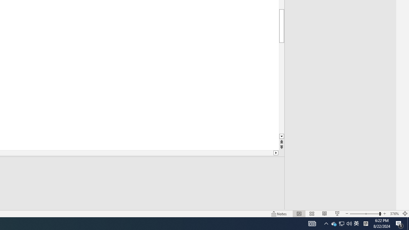  I want to click on 'Zoom 376%', so click(394, 214).